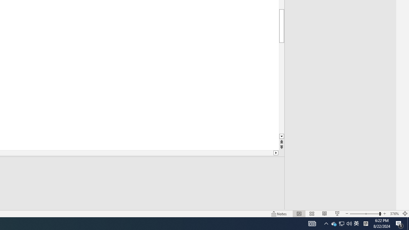  I want to click on 'Zoom 376%', so click(394, 214).